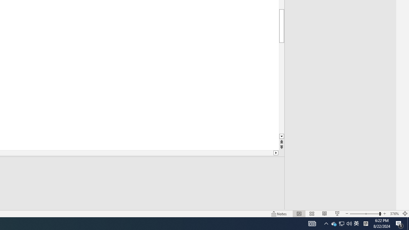  I want to click on 'Zoom 376%', so click(394, 214).